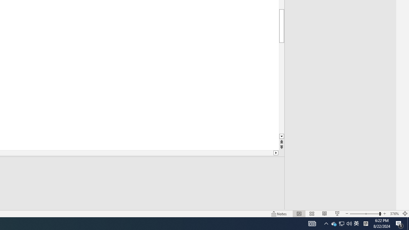  I want to click on 'Zoom 376%', so click(394, 214).